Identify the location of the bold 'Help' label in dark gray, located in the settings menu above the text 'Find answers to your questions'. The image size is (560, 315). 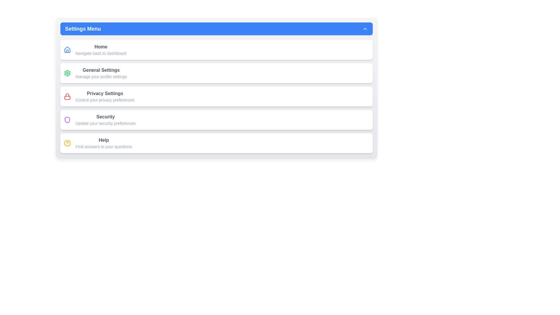
(104, 140).